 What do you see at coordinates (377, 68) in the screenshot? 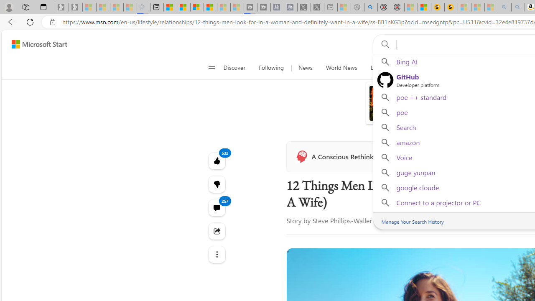
I see `'Local'` at bounding box center [377, 68].